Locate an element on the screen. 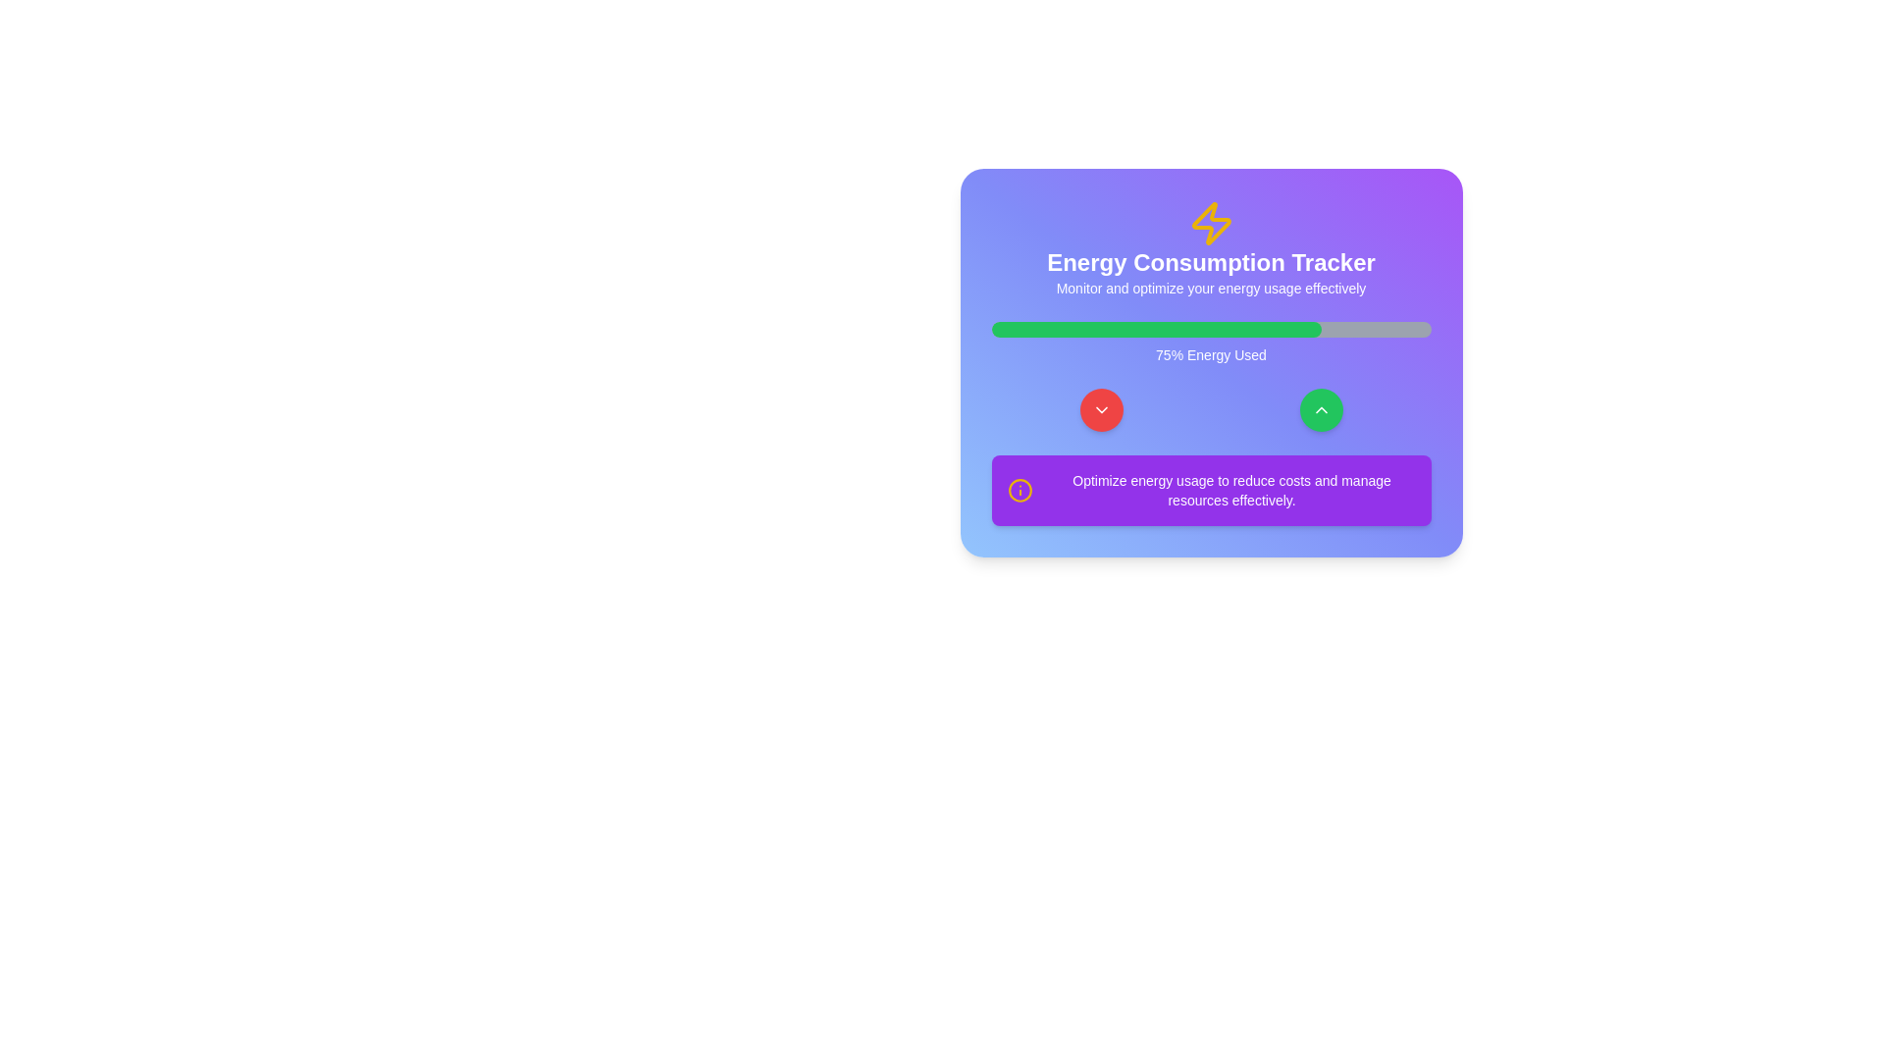  the informational icon located on the left side of the purple section, adjacent to the paragraph about optimizing energy usage is located at coordinates (1020, 490).